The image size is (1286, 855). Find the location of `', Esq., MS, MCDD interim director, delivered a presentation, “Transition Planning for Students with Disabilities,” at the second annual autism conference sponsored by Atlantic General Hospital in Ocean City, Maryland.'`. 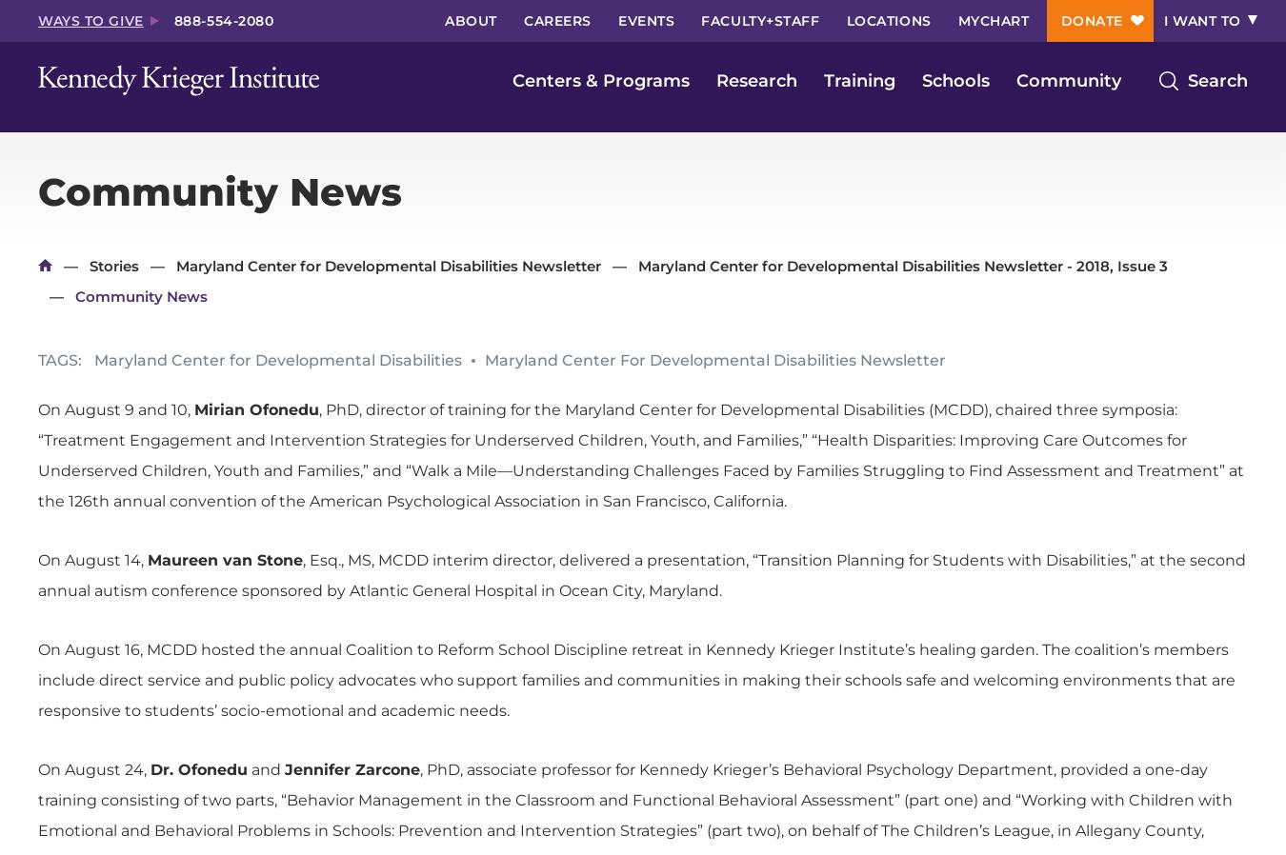

', Esq., MS, MCDD interim director, delivered a presentation, “Transition Planning for Students with Disabilities,” at the second annual autism conference sponsored by Atlantic General Hospital in Ocean City, Maryland.' is located at coordinates (642, 574).